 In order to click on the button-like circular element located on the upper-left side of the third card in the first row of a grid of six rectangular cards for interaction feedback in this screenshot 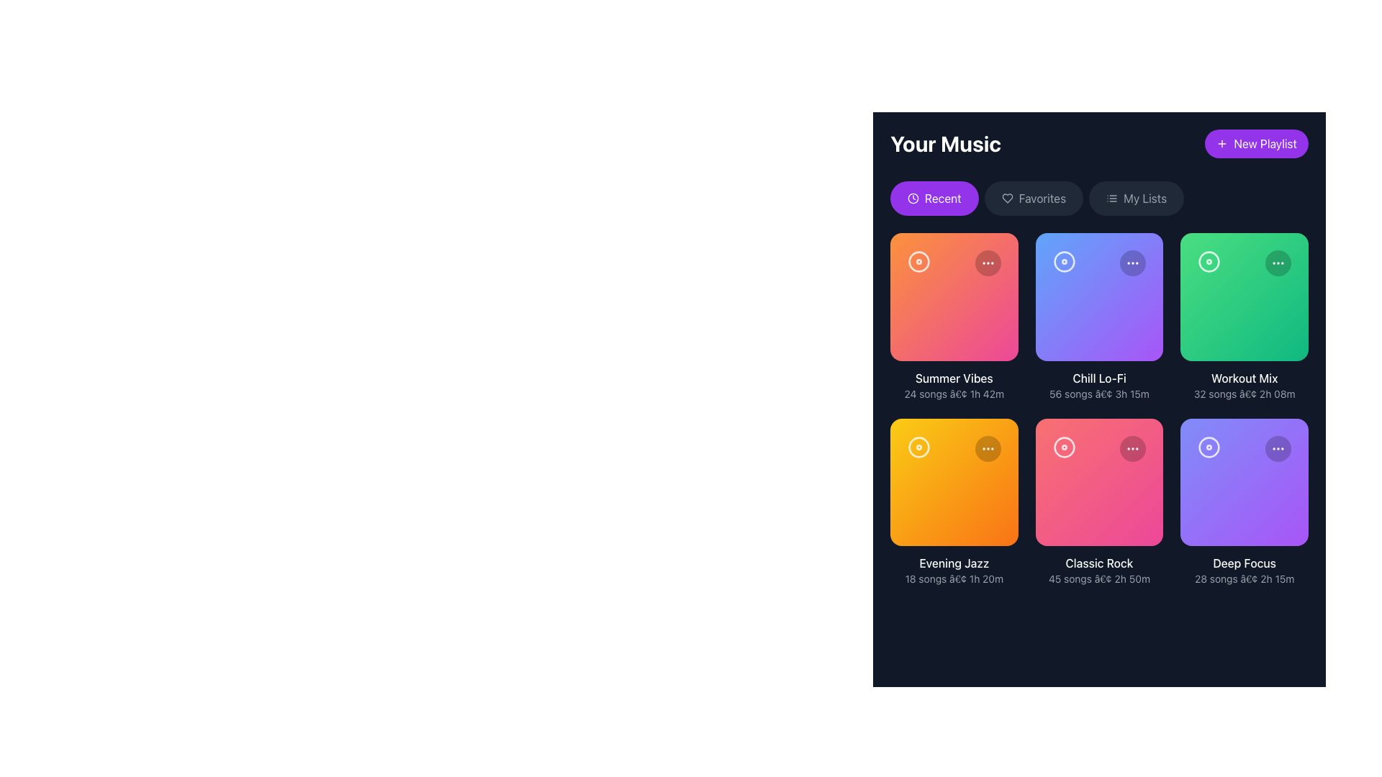, I will do `click(1064, 261)`.